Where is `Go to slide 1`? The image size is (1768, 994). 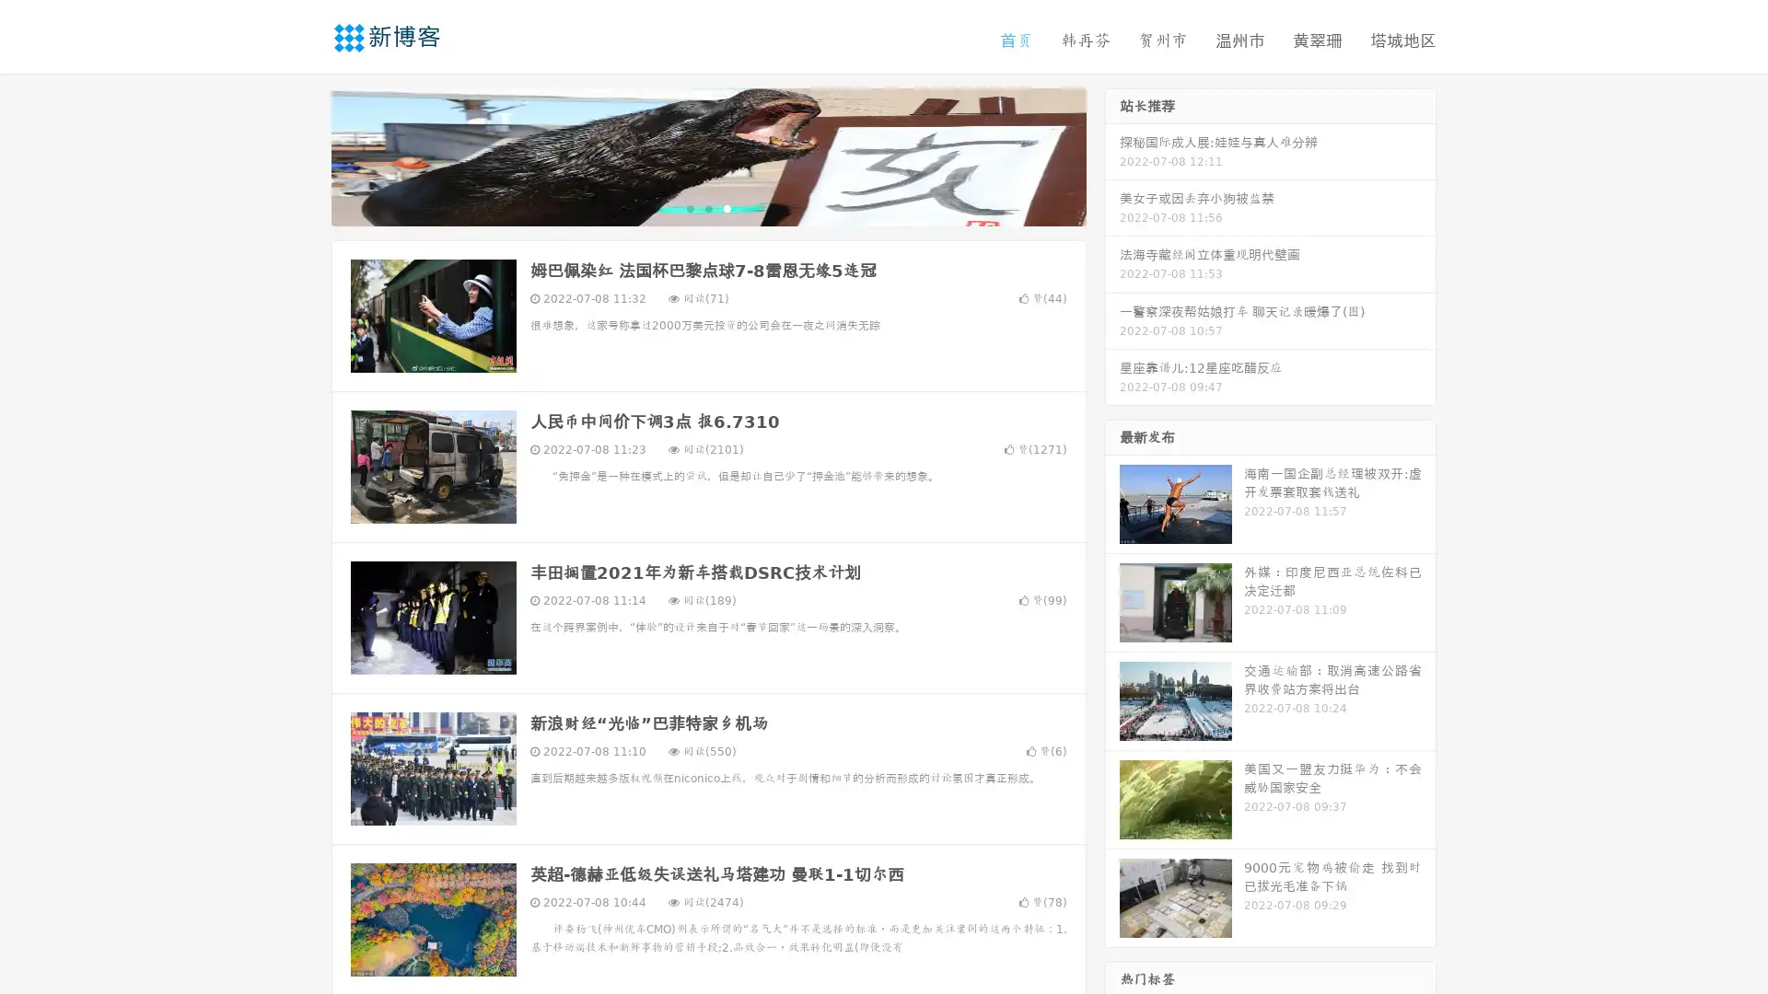
Go to slide 1 is located at coordinates (689, 207).